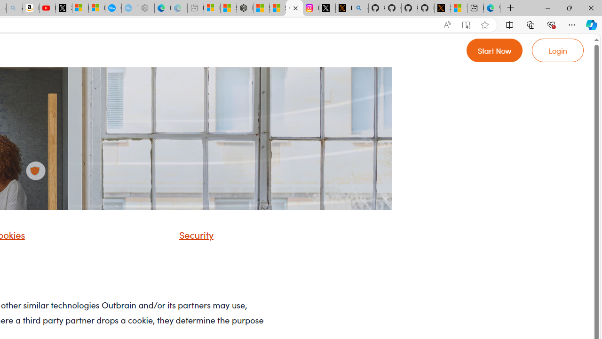  What do you see at coordinates (466, 24) in the screenshot?
I see `'Enter Immersive Reader (F9)'` at bounding box center [466, 24].